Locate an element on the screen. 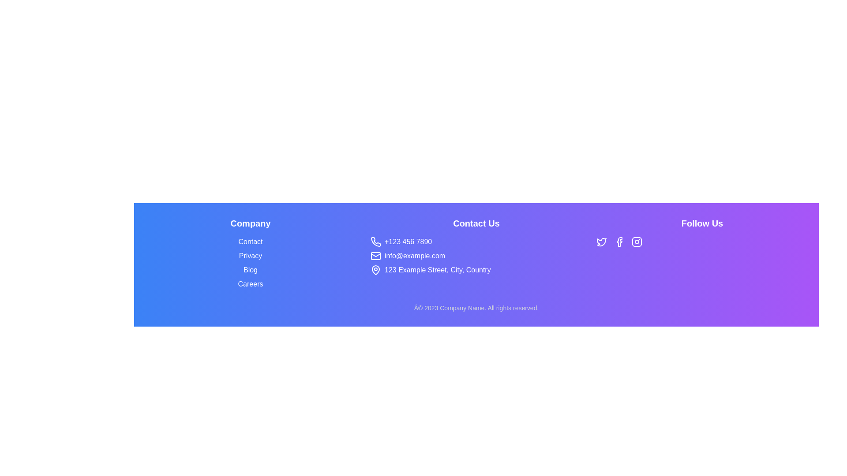 The image size is (847, 476). the 'Careers' hyperlink text, which is the last item in the vertically aligned list under the 'Company' heading in the footer section is located at coordinates (250, 284).